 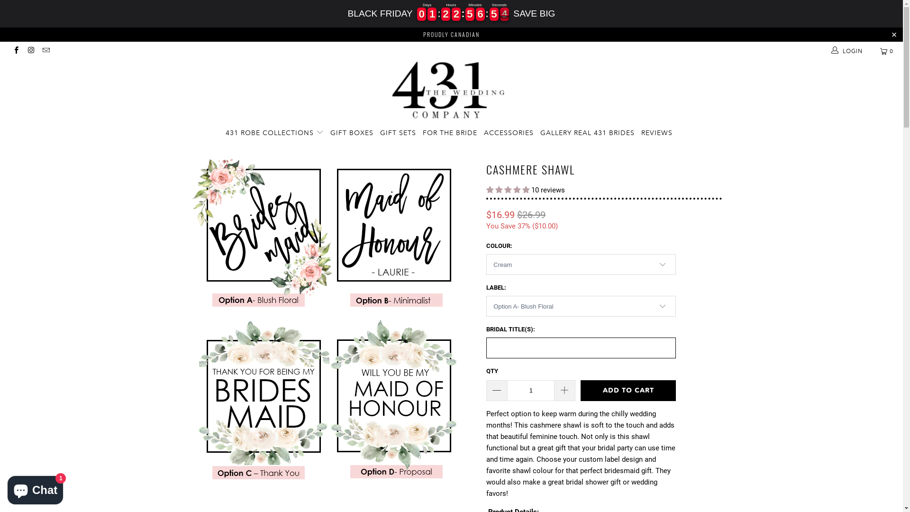 What do you see at coordinates (35, 488) in the screenshot?
I see `'Shopify online store chat'` at bounding box center [35, 488].